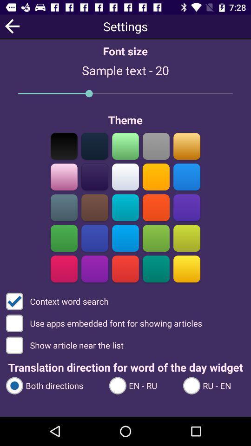 The width and height of the screenshot is (251, 446). Describe the element at coordinates (94, 269) in the screenshot. I see `change theme color` at that location.